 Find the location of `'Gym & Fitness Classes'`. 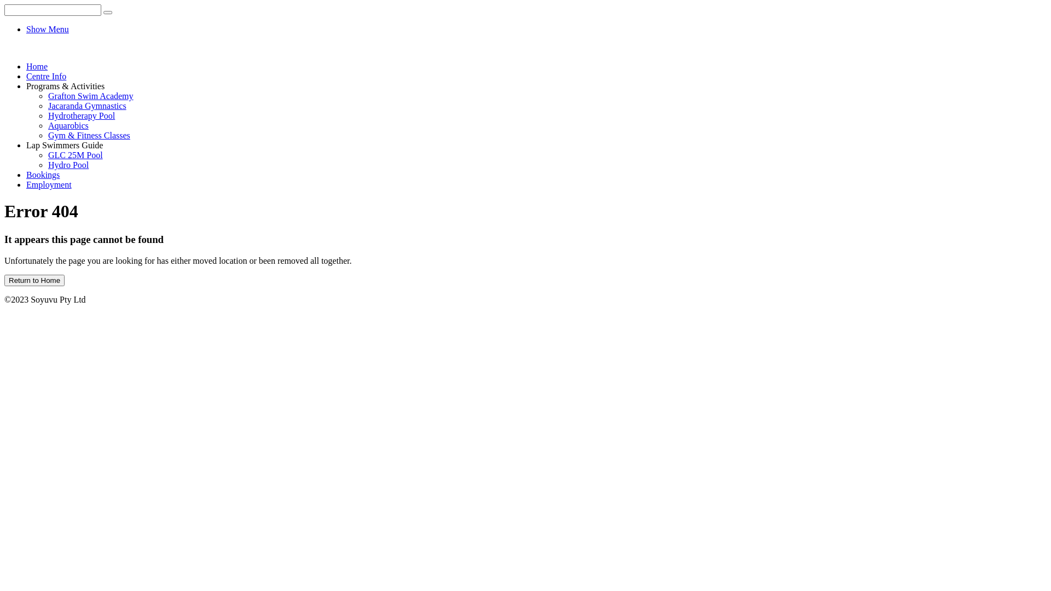

'Gym & Fitness Classes' is located at coordinates (89, 135).